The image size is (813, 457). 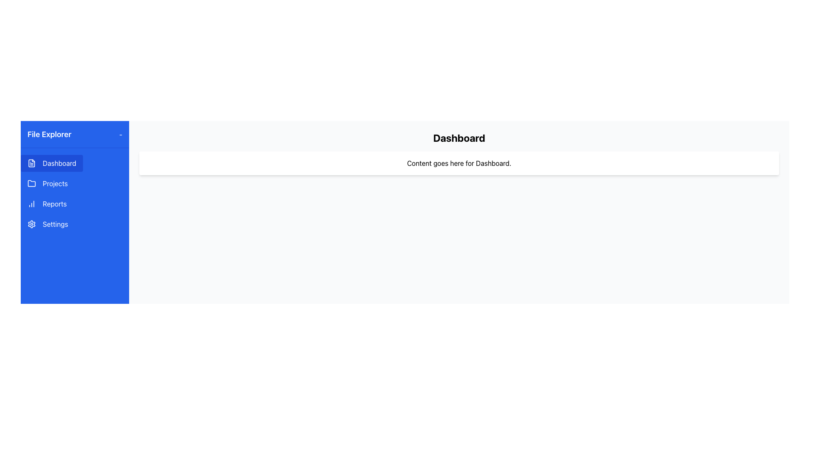 What do you see at coordinates (32, 223) in the screenshot?
I see `the 'Settings' icon in the navigational menu, which is represented by a gear shape` at bounding box center [32, 223].